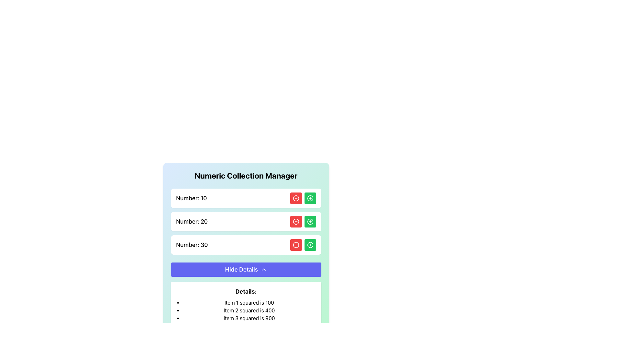 The height and width of the screenshot is (350, 622). I want to click on the circular red button with a minus symbol located on the right side of the second row, next to the number 20, to observe a visual response, so click(295, 221).